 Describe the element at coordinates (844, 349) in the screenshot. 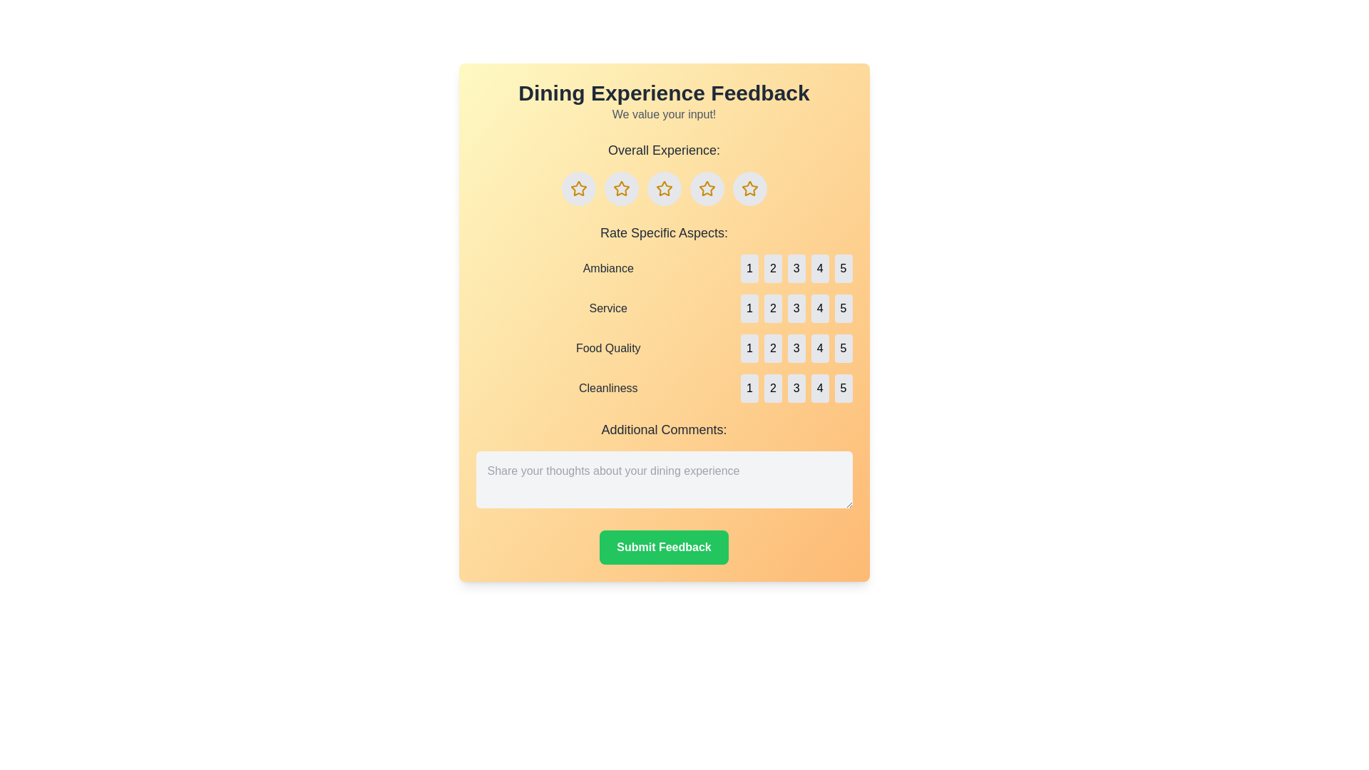

I see `the fifth button in the horizontal row under the 'Food Quality' criterion` at that location.